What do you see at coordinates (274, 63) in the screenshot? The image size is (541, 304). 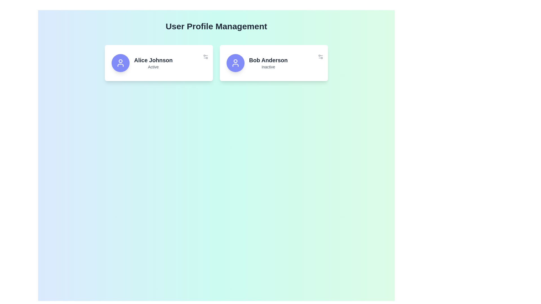 I see `the Text Display Component that shows 'Bob Anderson' in bold and 'Inactive' in smaller gray text, located next to a circular purple user icon` at bounding box center [274, 63].